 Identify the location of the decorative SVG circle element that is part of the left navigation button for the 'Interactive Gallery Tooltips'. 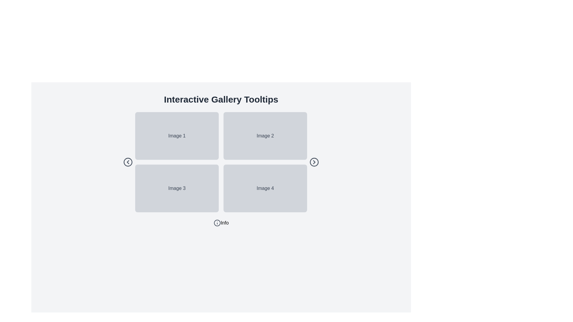
(127, 162).